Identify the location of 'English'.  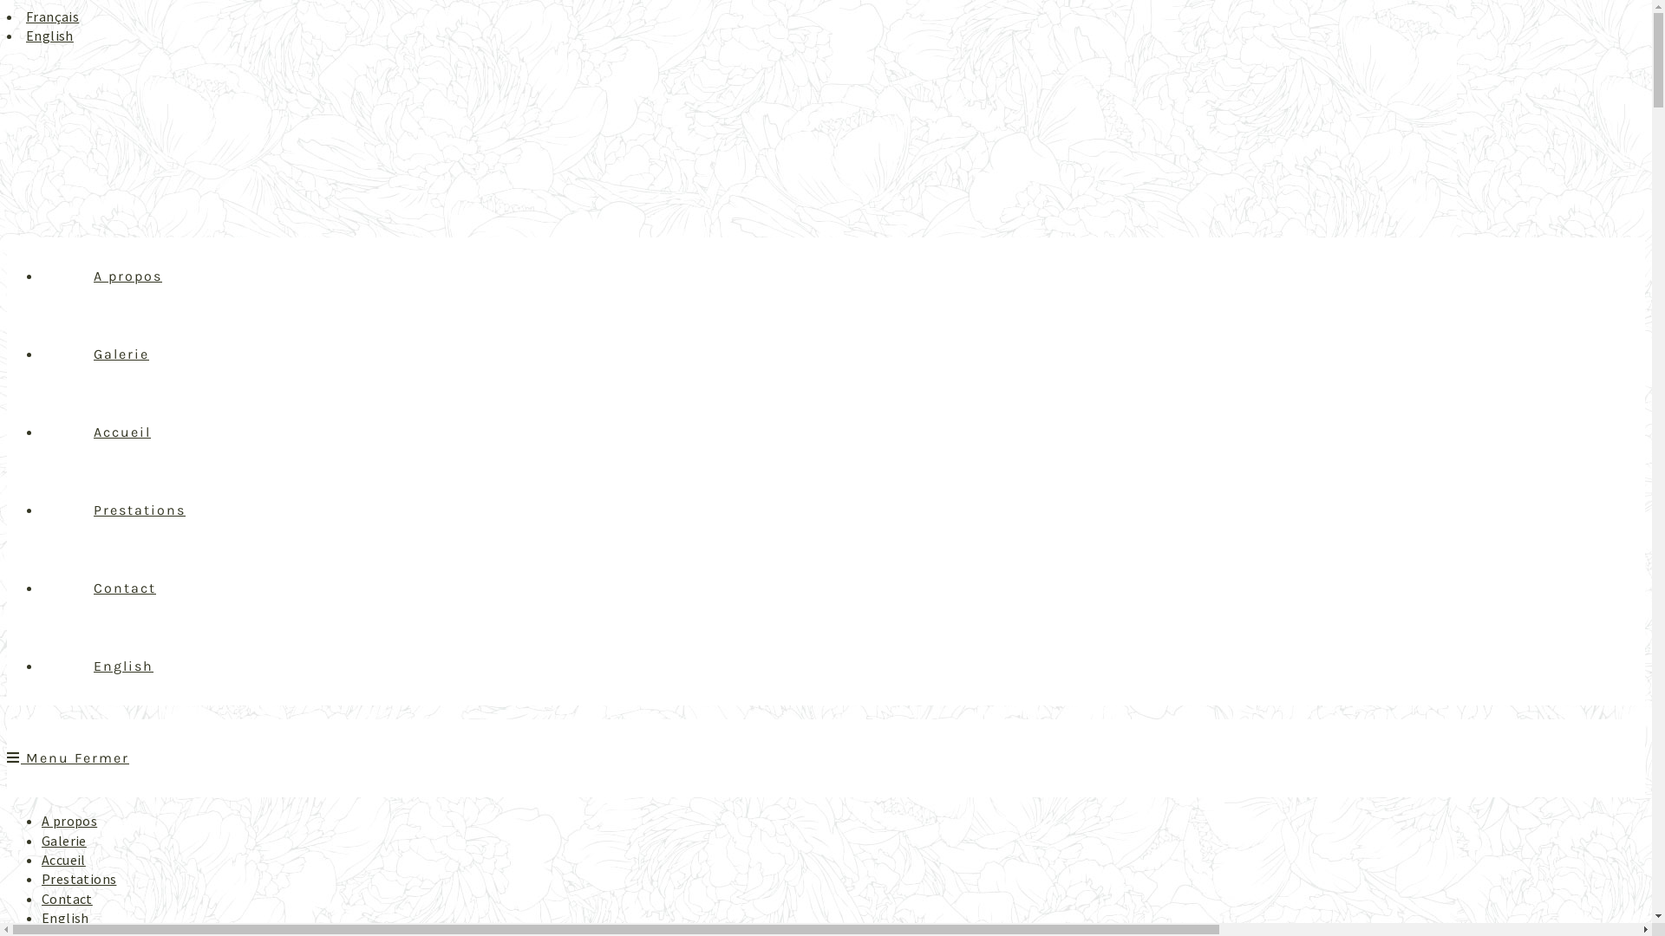
(49, 36).